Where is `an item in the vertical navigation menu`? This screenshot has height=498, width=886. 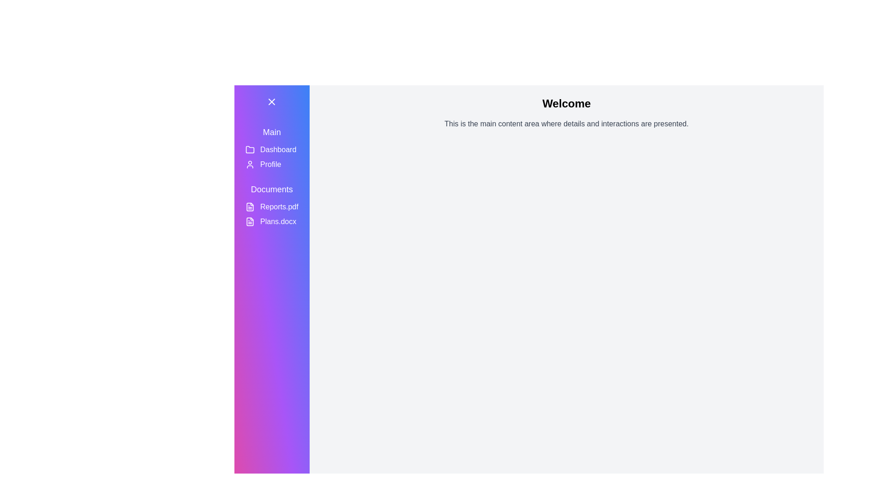 an item in the vertical navigation menu is located at coordinates (271, 178).